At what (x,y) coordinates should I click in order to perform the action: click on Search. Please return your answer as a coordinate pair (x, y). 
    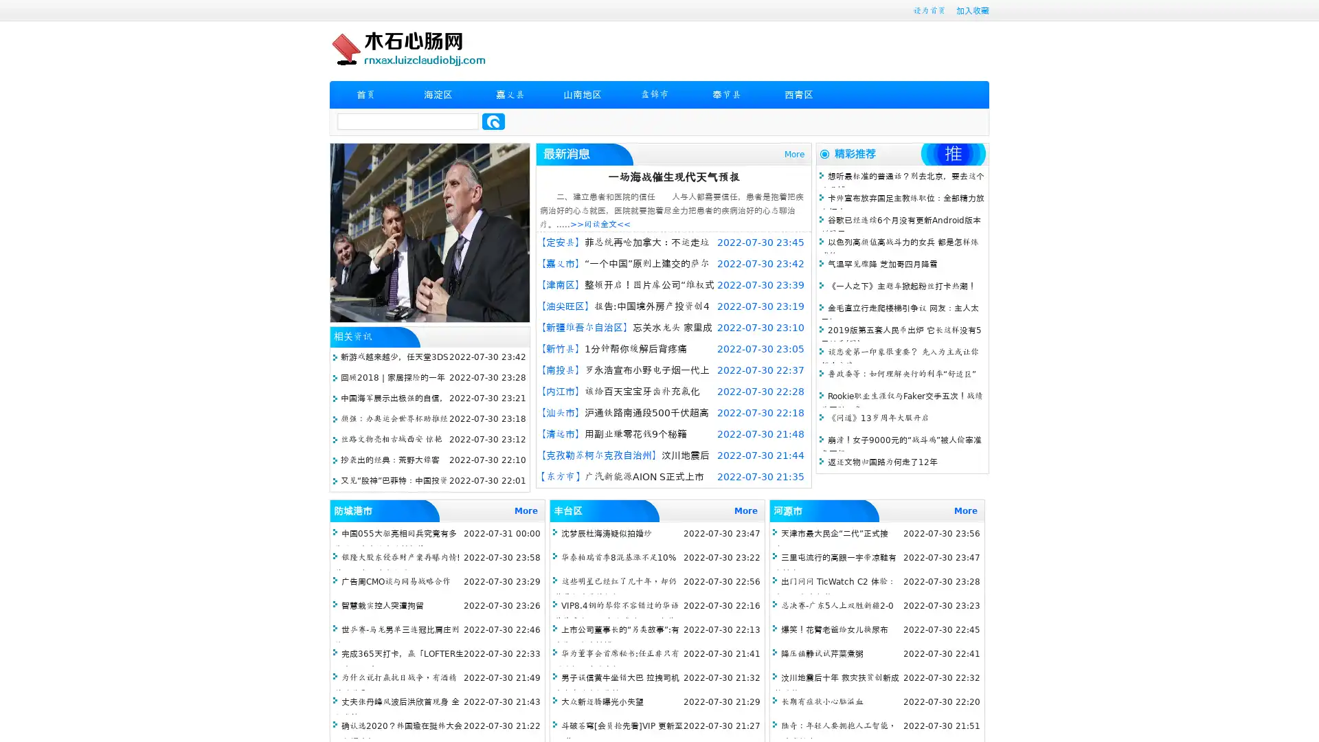
    Looking at the image, I should click on (493, 121).